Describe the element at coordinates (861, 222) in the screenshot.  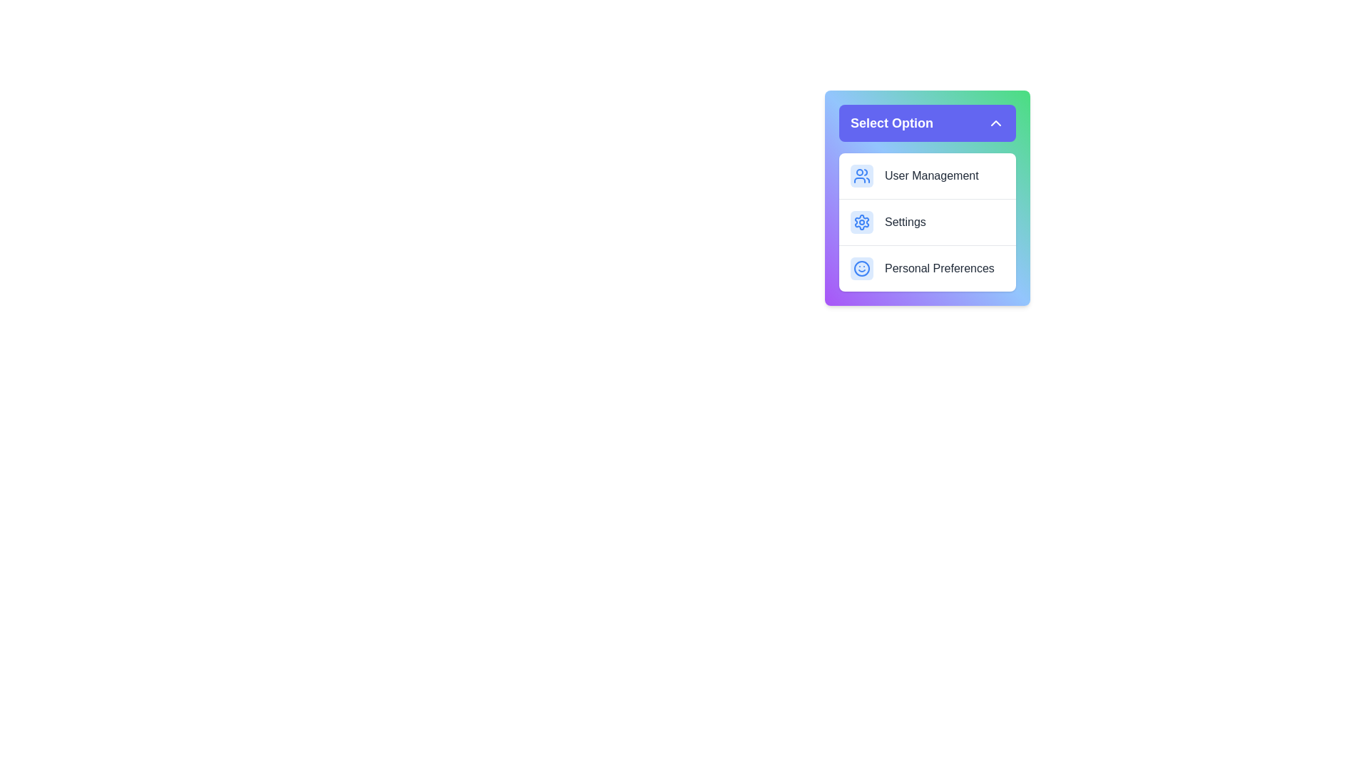
I see `the gear-shaped settings icon, which is blue and located near the 'Settings' option in the upper part of the interface` at that location.